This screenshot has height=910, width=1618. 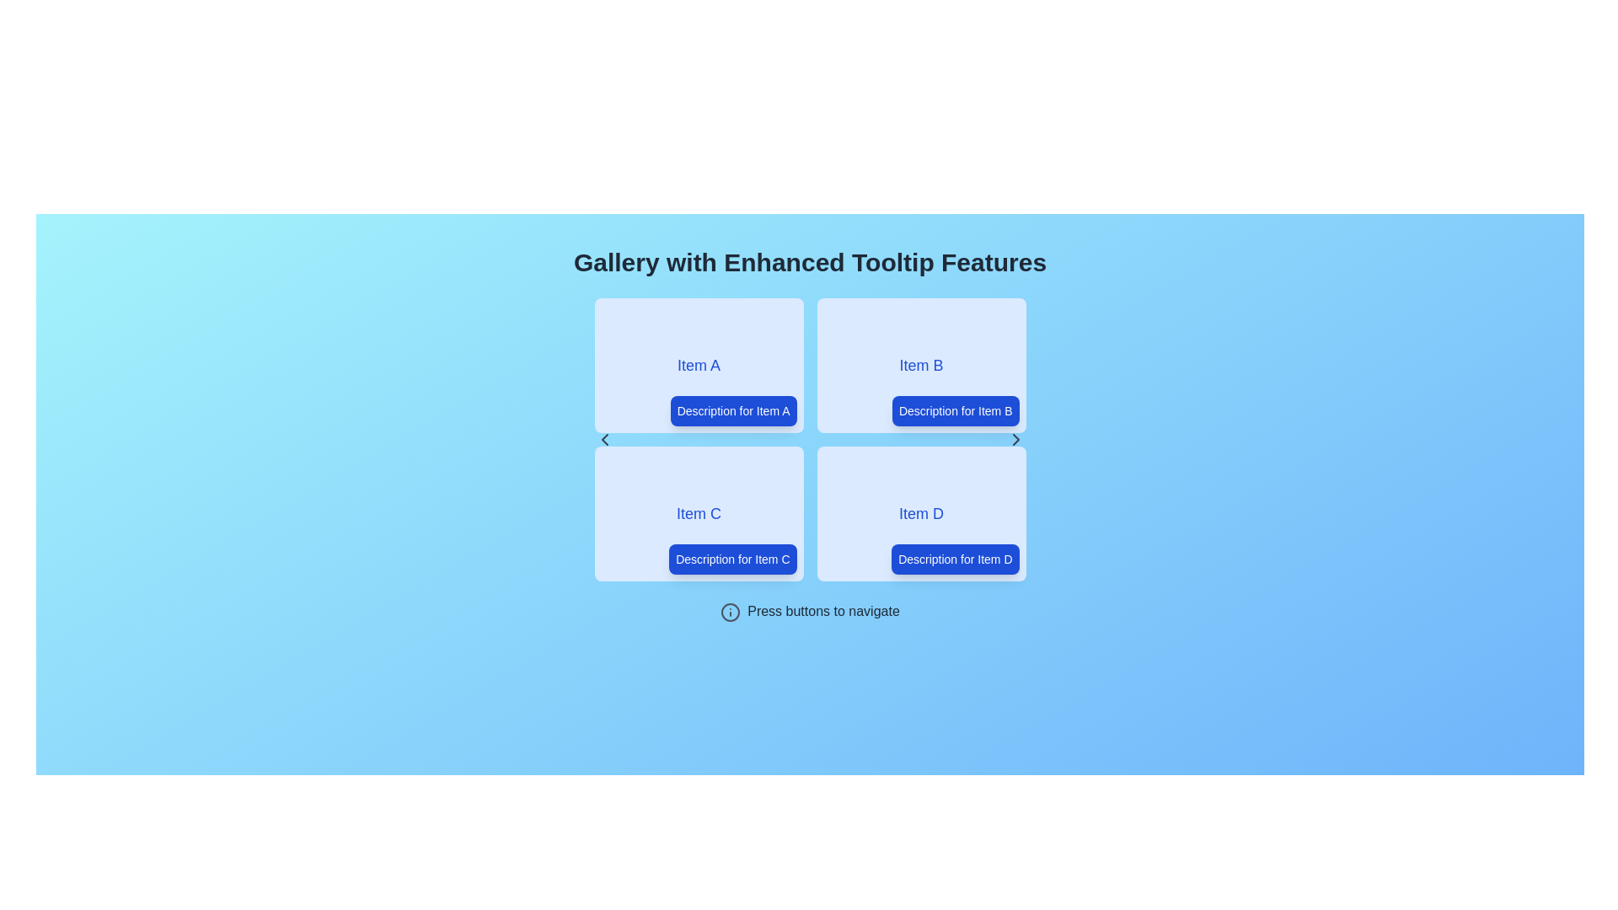 What do you see at coordinates (699, 512) in the screenshot?
I see `the text label or heading that summarizes the main focus of the card, located in the bottom-left quadrant of the four-card grid, to focus on related content` at bounding box center [699, 512].